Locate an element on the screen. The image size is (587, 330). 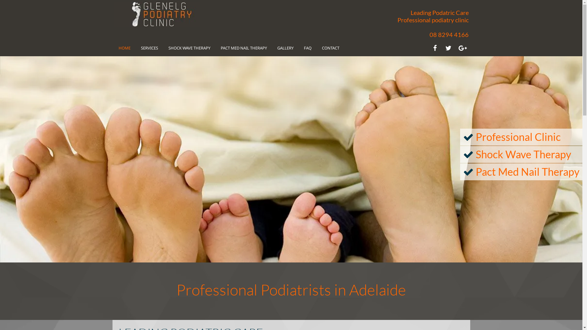
'glenelg podiatry logo' is located at coordinates (157, 14).